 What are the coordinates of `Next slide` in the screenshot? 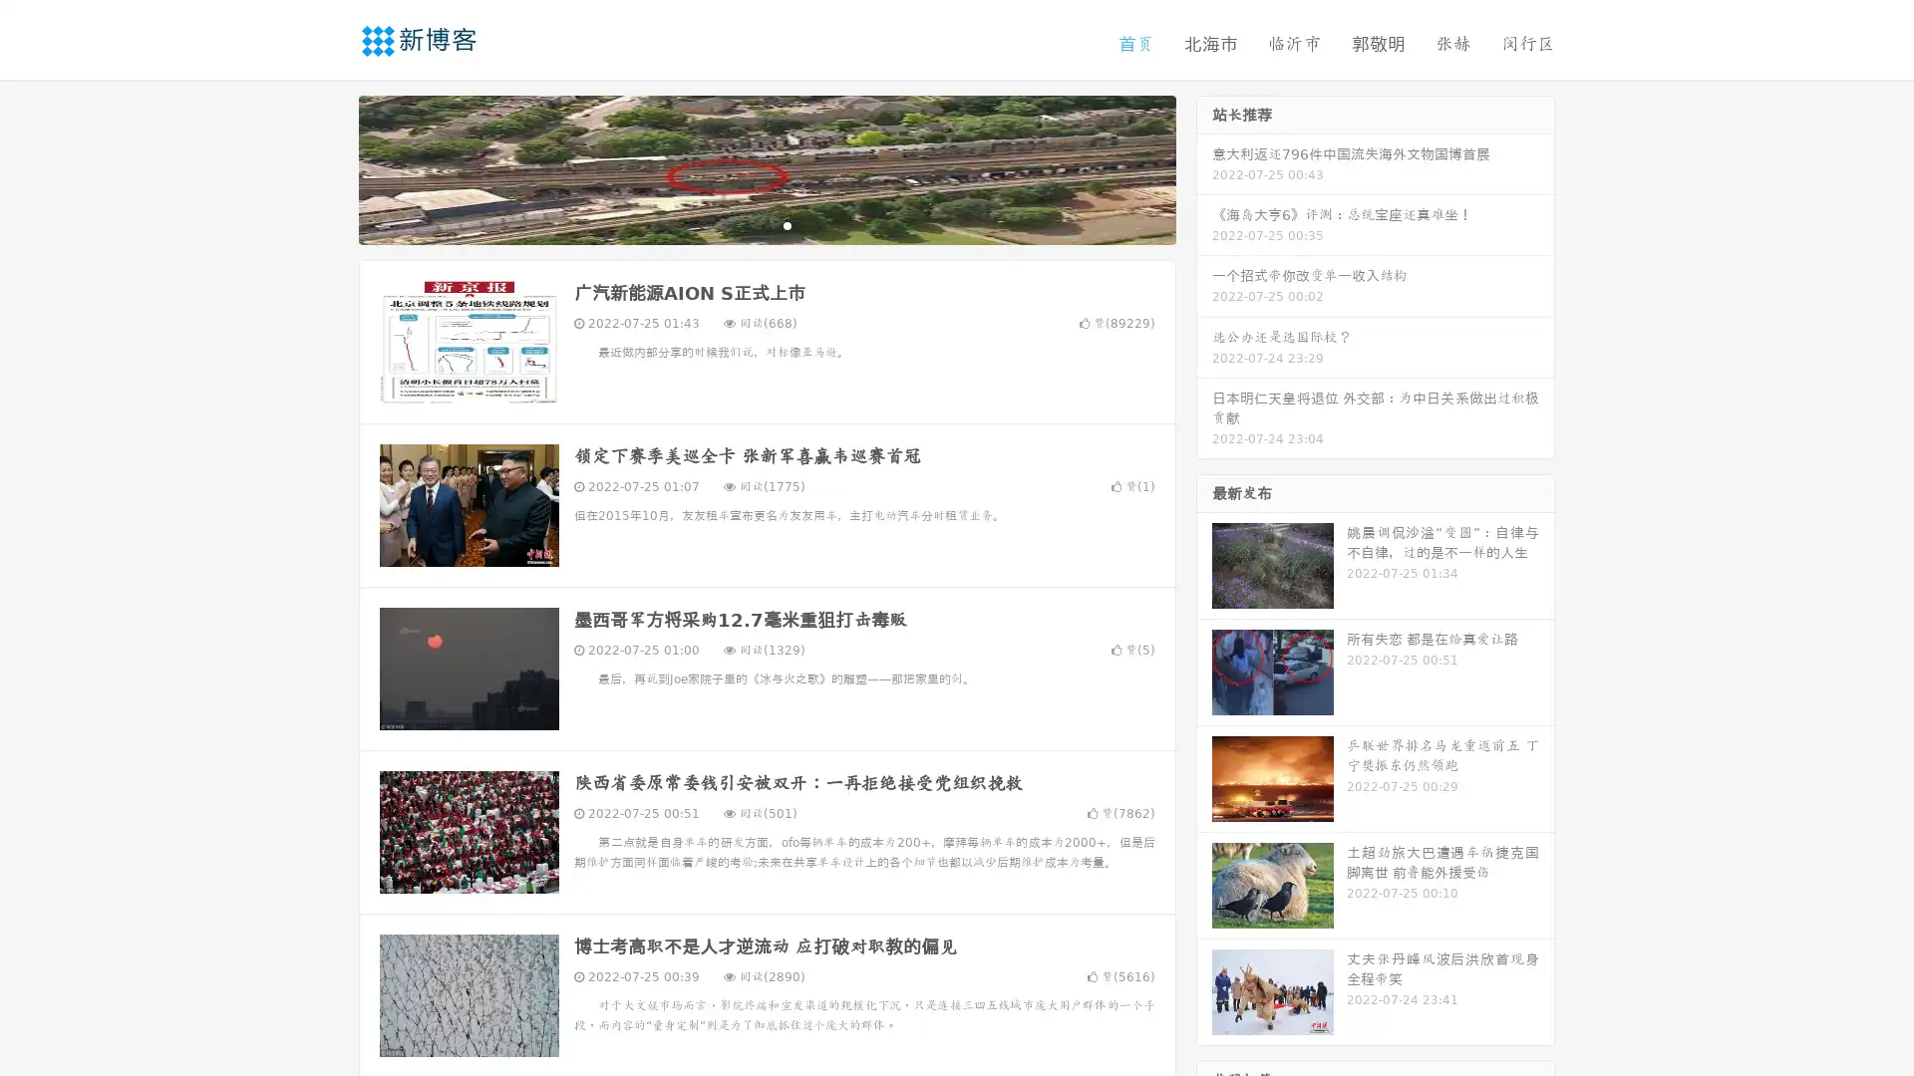 It's located at (1204, 167).